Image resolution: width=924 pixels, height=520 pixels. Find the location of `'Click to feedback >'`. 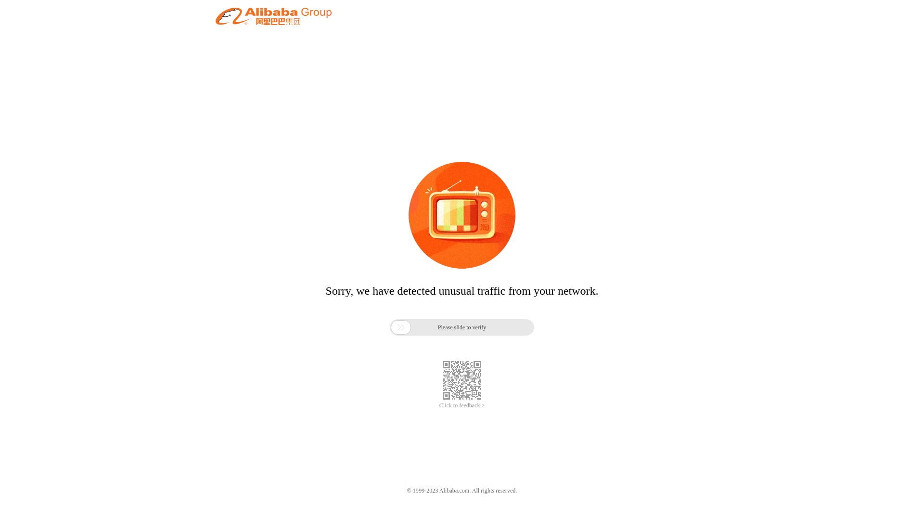

'Click to feedback >' is located at coordinates (462, 405).